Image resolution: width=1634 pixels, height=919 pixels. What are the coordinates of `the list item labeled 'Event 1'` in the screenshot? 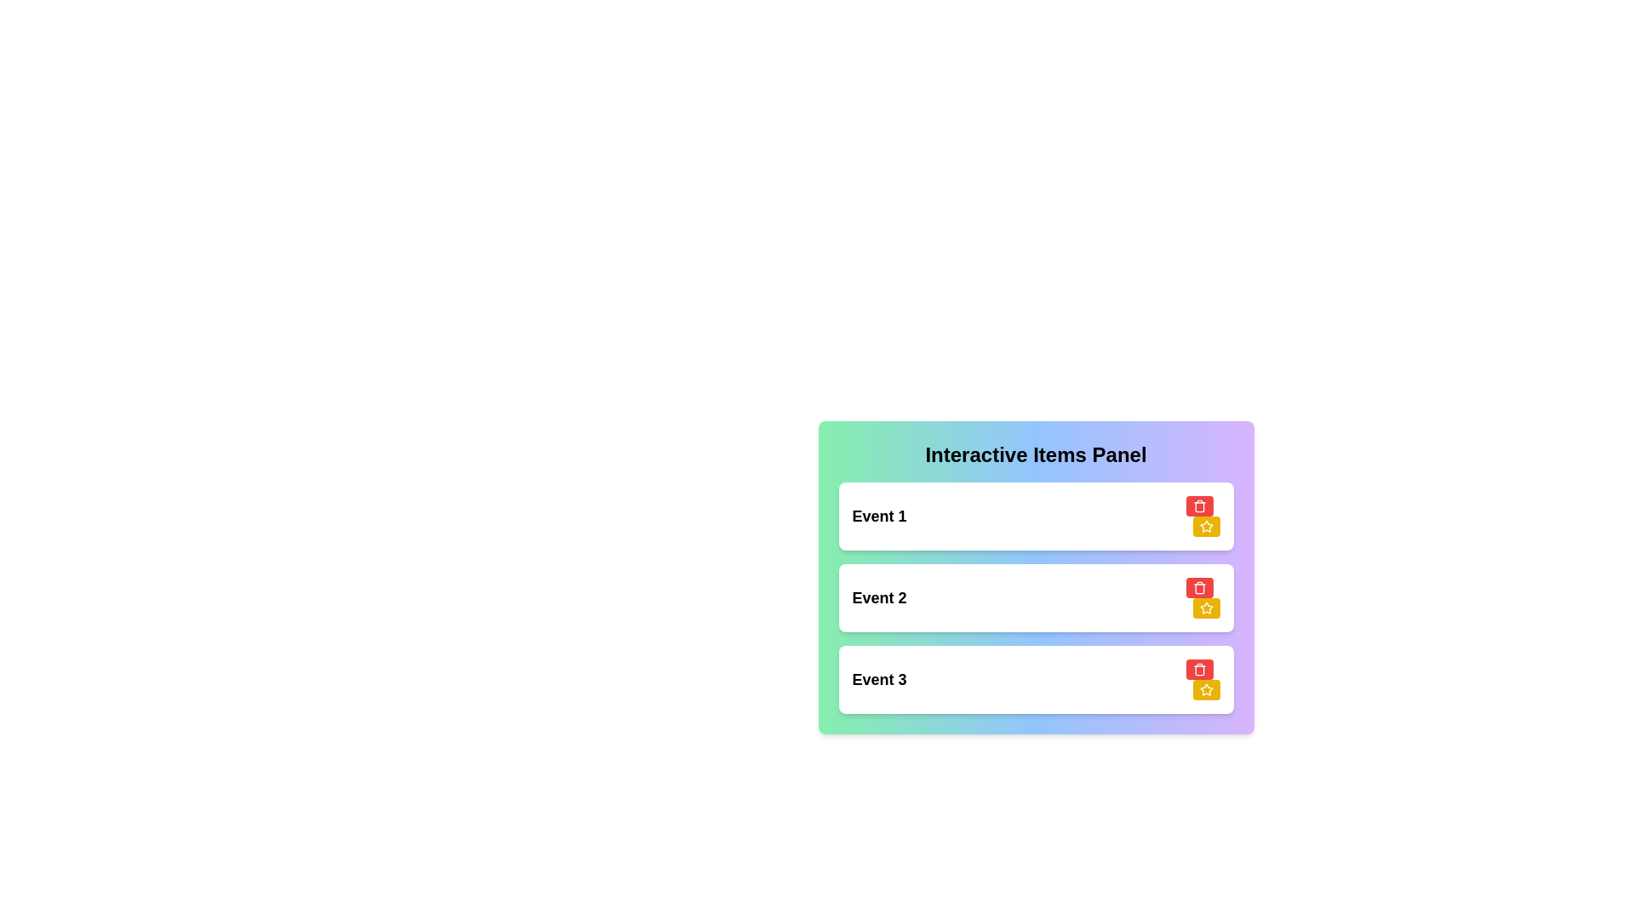 It's located at (1035, 515).